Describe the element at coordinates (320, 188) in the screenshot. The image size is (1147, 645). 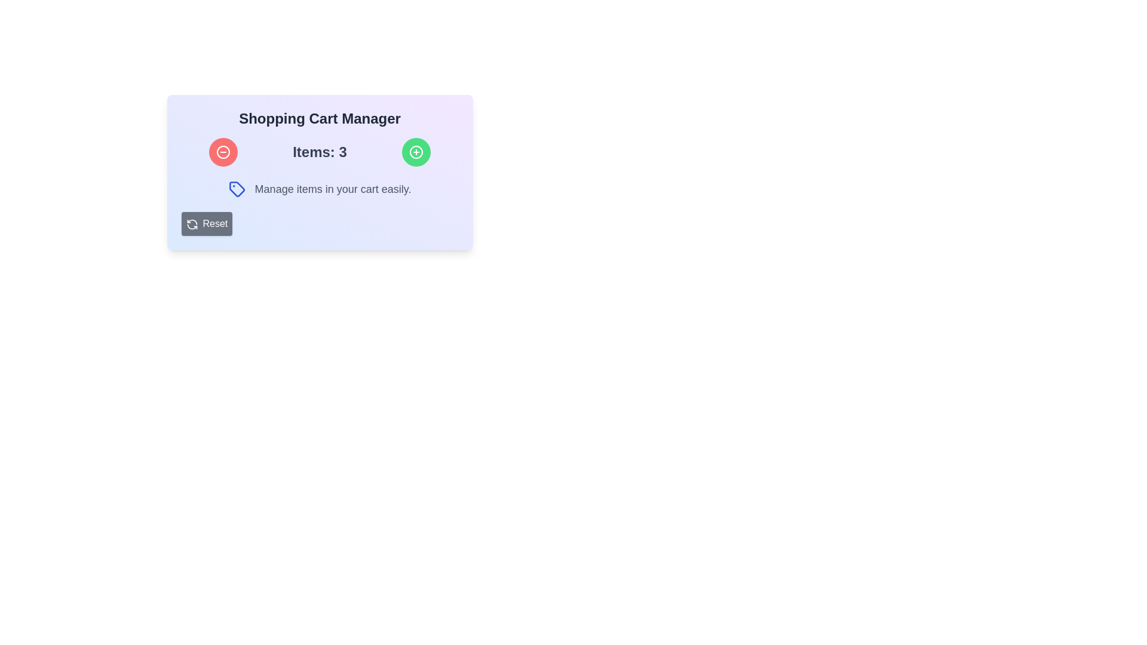
I see `the text with icon that provides instructions related to managing items in the shopping cart, located under 'Items: 3' and above the 'Reset' button within the 'Shopping Cart Manager' card` at that location.